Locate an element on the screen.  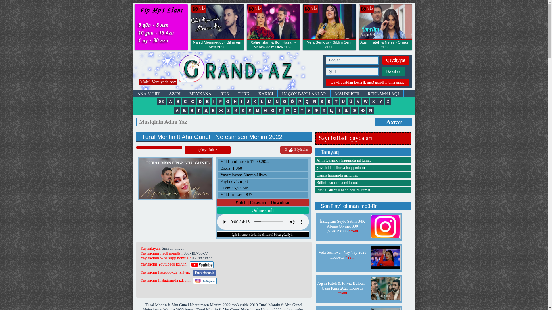
'I' is located at coordinates (241, 101).